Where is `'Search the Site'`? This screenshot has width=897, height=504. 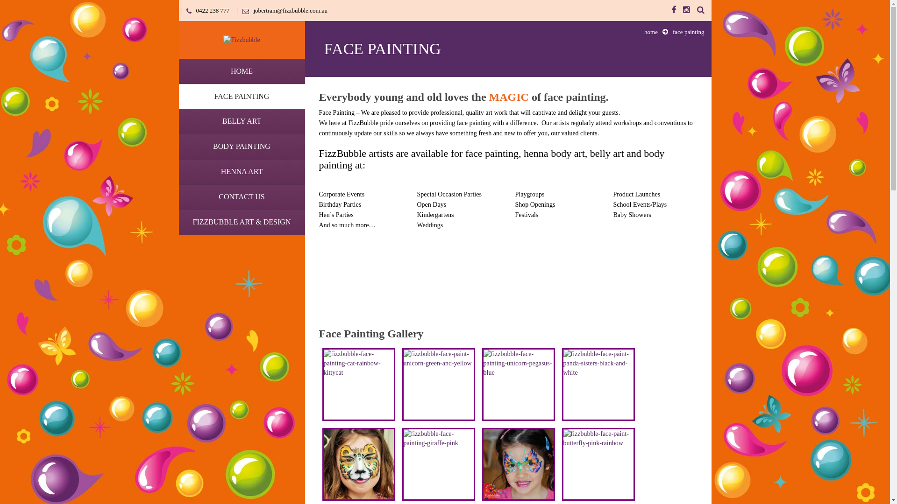 'Search the Site' is located at coordinates (700, 10).